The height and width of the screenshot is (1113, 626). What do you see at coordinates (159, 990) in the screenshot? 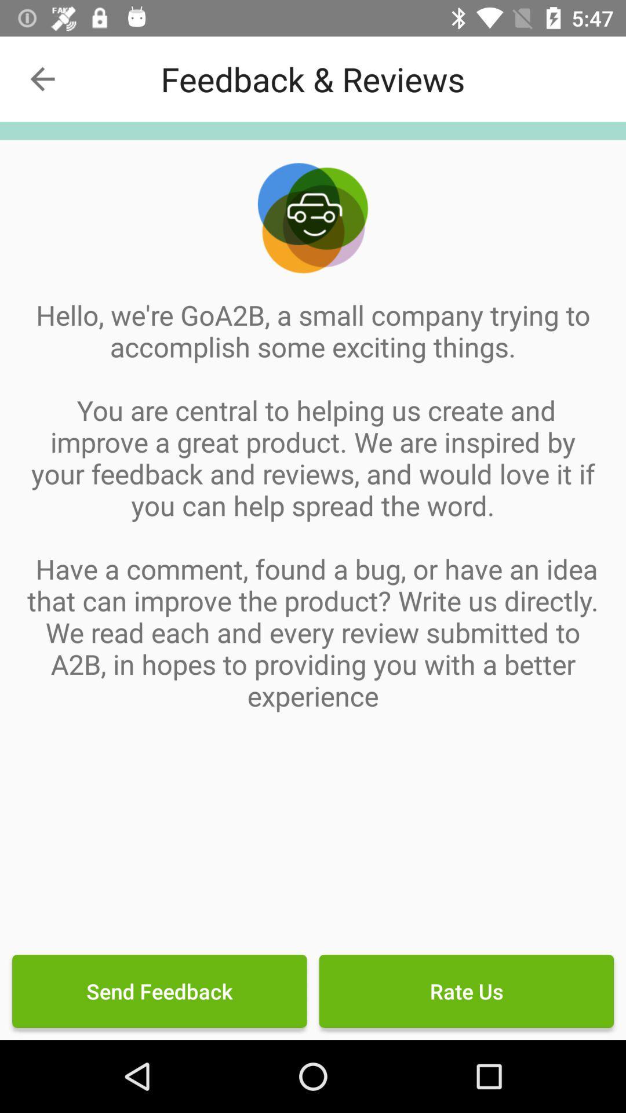
I see `item next to the rate us item` at bounding box center [159, 990].